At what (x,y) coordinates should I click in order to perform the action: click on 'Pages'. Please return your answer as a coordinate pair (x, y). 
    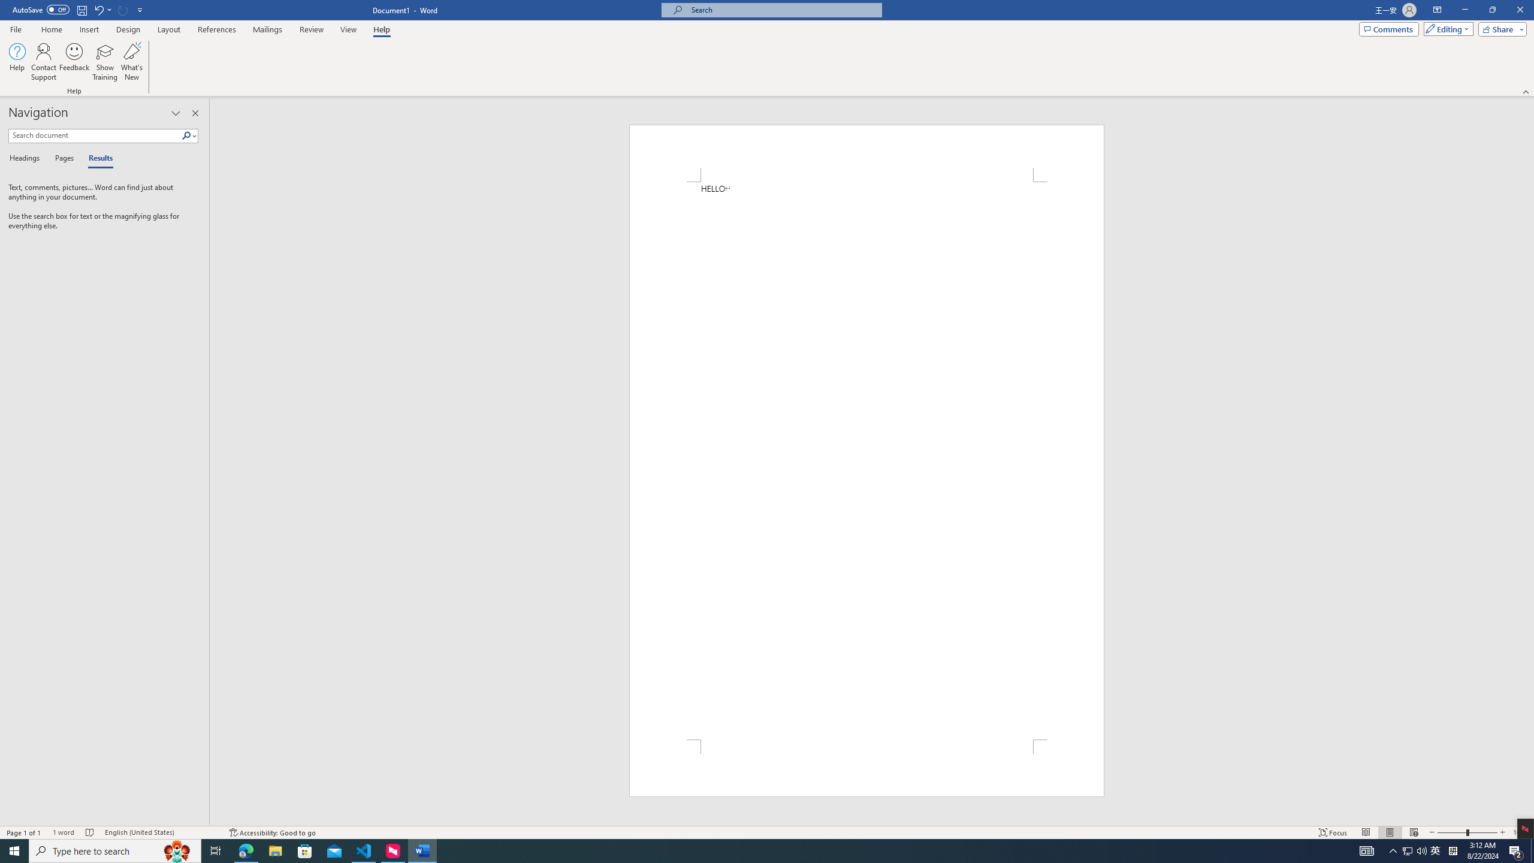
    Looking at the image, I should click on (62, 158).